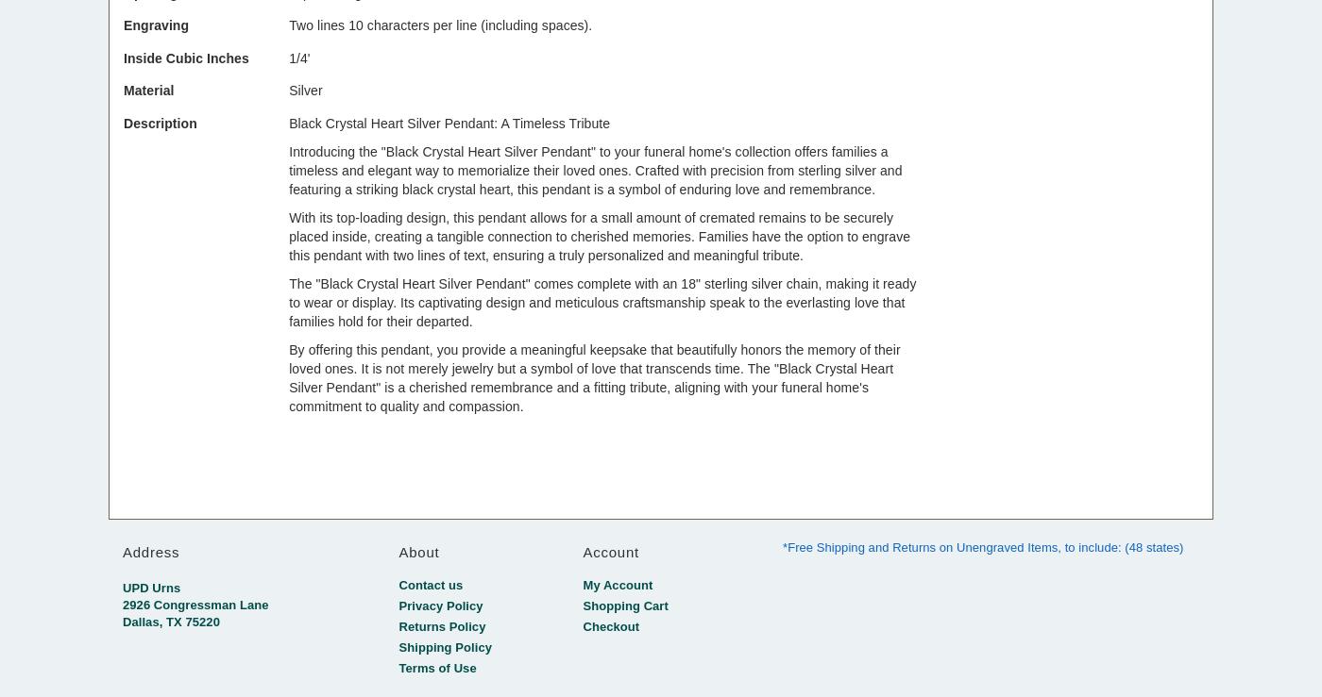  Describe the element at coordinates (430, 583) in the screenshot. I see `'Contact us'` at that location.